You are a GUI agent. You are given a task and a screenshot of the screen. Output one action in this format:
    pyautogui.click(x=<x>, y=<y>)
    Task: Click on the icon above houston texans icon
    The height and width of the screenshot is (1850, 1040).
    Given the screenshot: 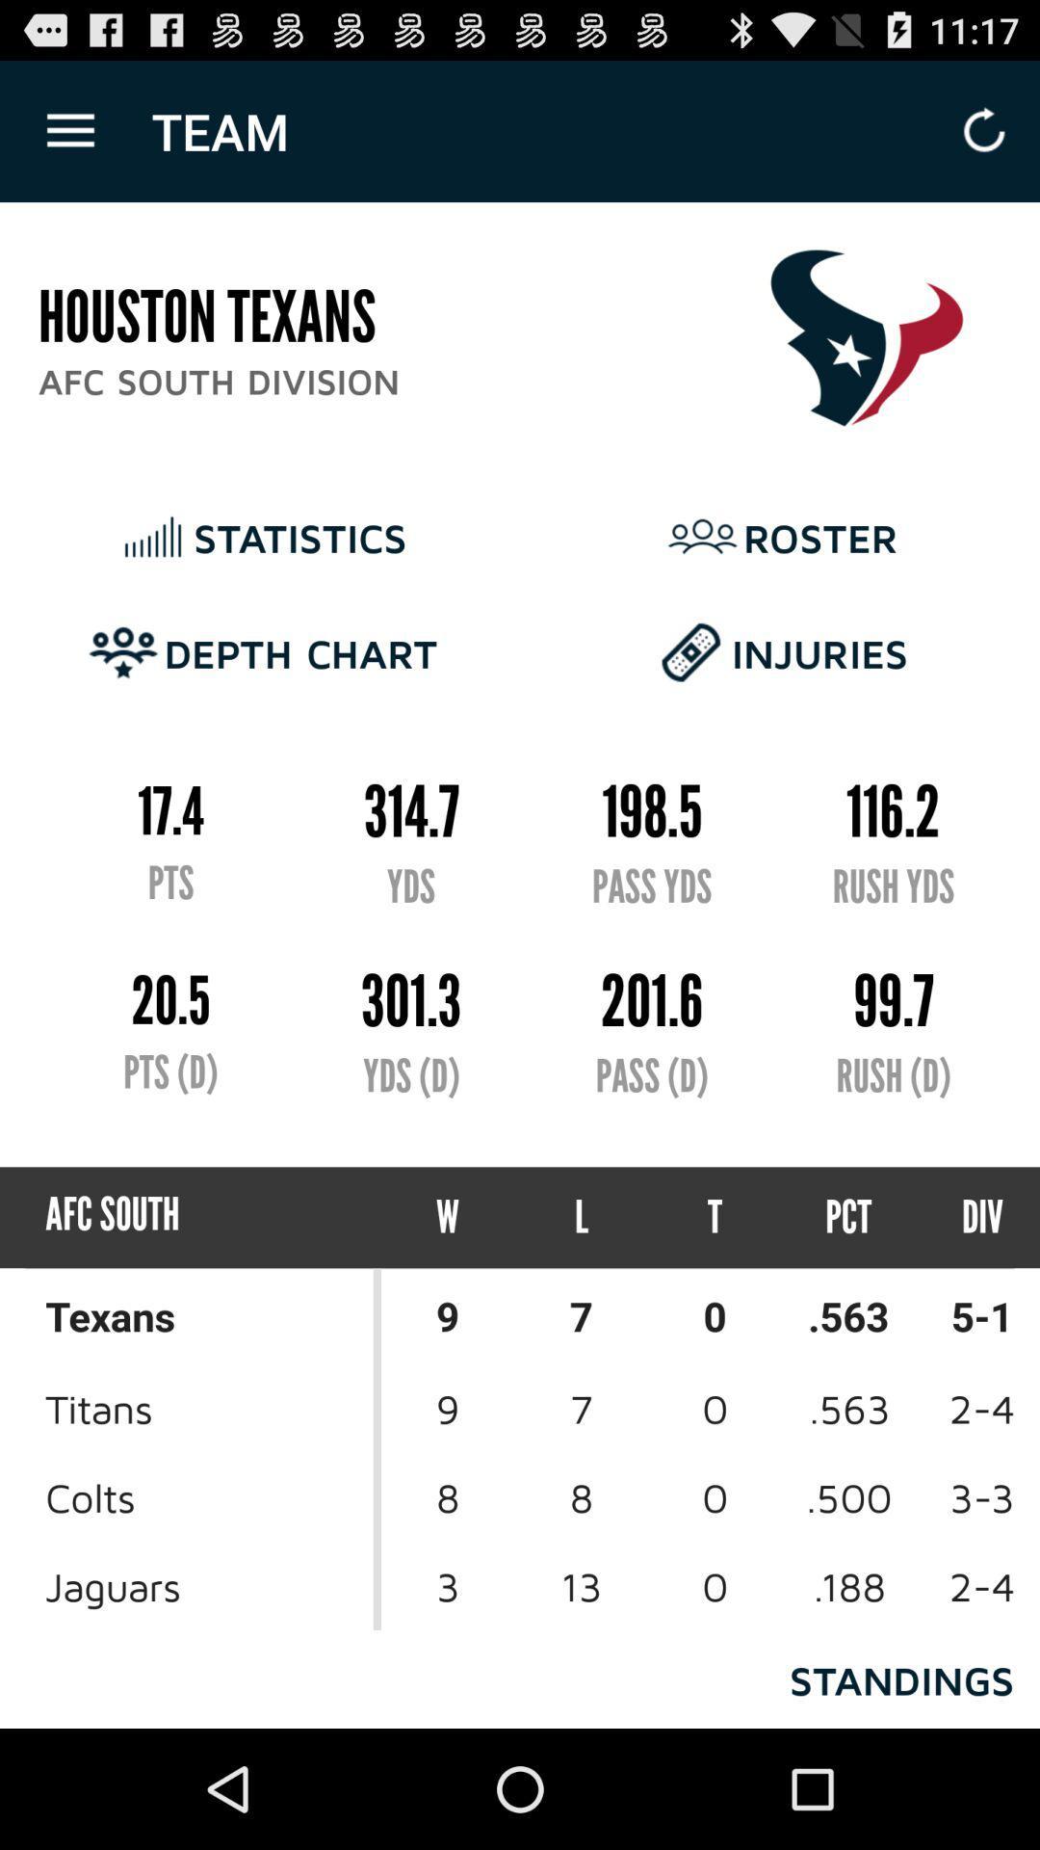 What is the action you would take?
    pyautogui.click(x=69, y=130)
    